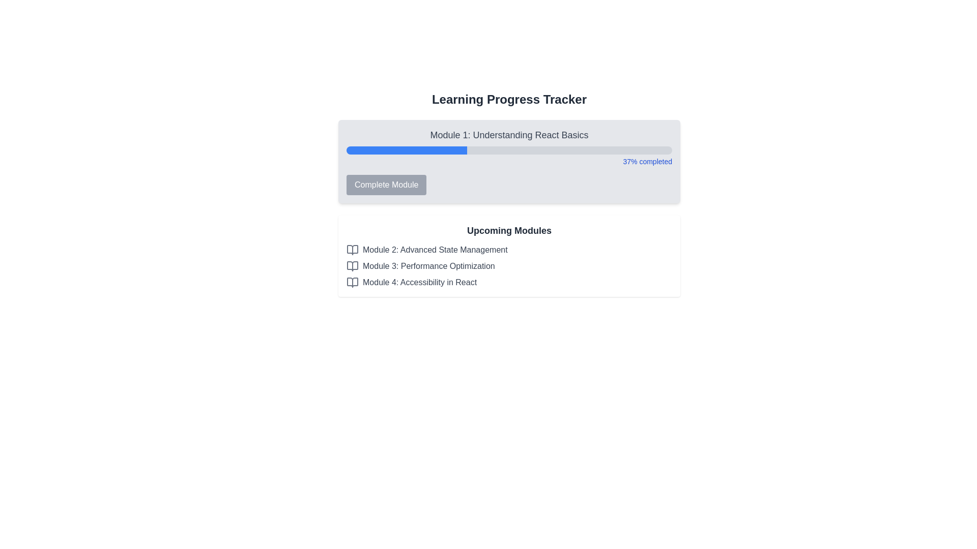 The image size is (977, 549). I want to click on the icon resembling an open book with a gray outline, located next to the text 'Module 3: Performance Optimization' in the 'Upcoming Modules' section, so click(352, 266).